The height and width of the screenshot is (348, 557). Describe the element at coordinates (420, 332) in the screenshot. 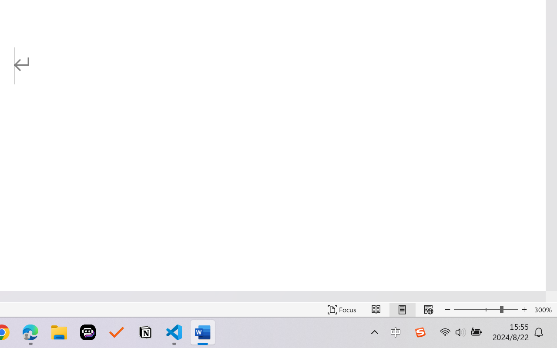

I see `'Class: Image'` at that location.